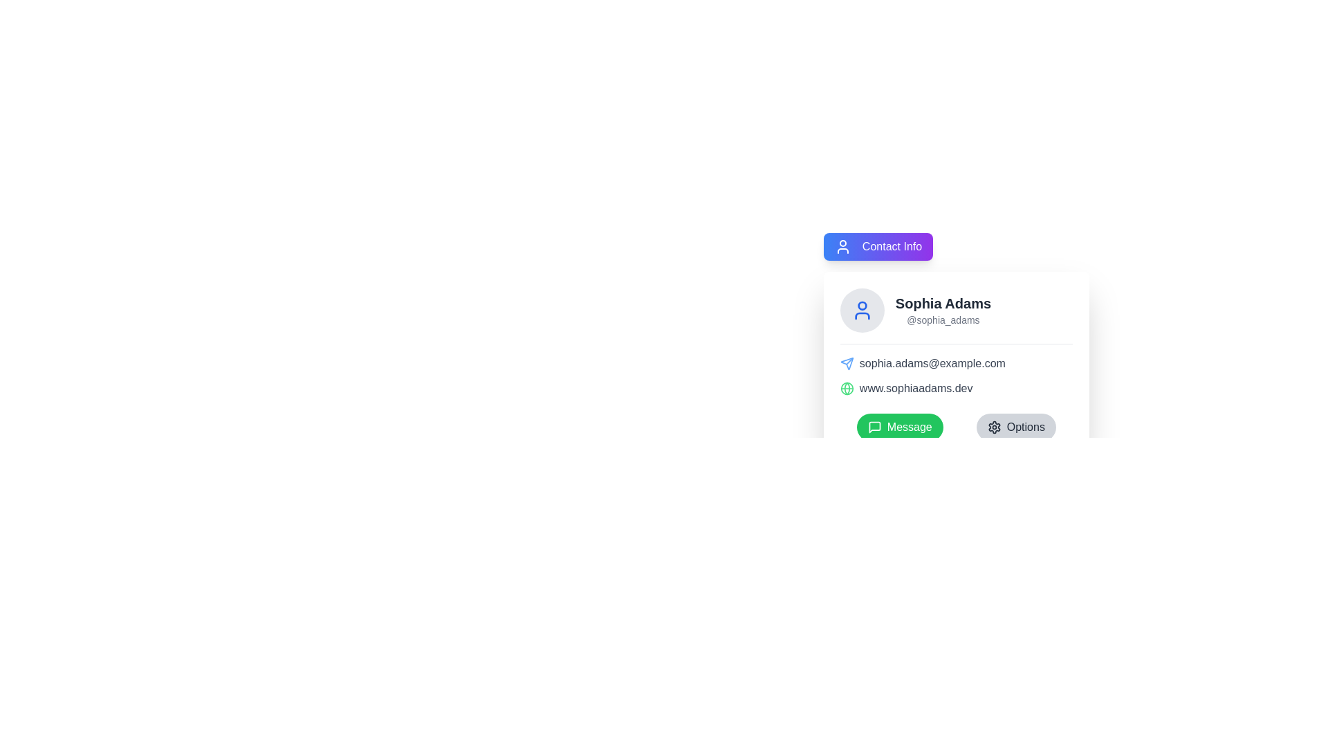 The width and height of the screenshot is (1328, 747). Describe the element at coordinates (942, 320) in the screenshot. I see `the text label displaying the username '@sophia_adams' located under the name 'Sophia Adams' in the user profile interface` at that location.